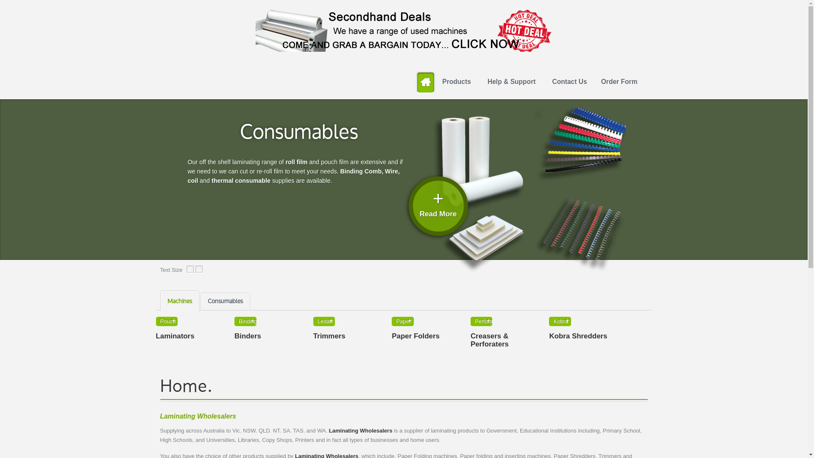 The width and height of the screenshot is (814, 458). What do you see at coordinates (481, 321) in the screenshot?
I see `'A3 Card Creasing Machine, A3 Card Perforating Machine` at bounding box center [481, 321].